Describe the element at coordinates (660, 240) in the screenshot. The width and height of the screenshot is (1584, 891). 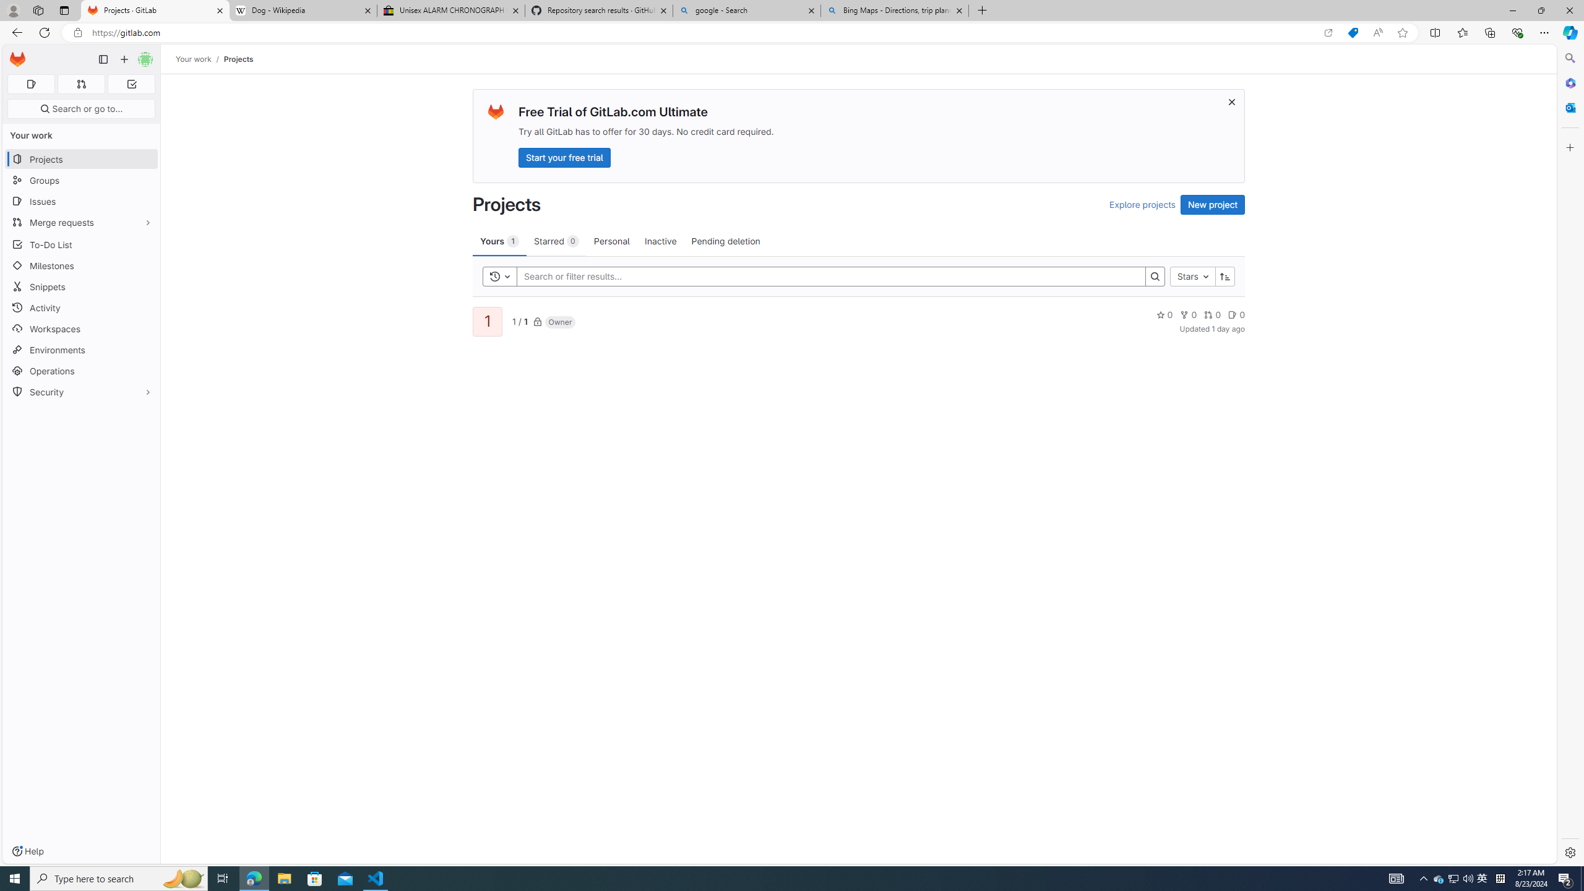
I see `'Inactive'` at that location.